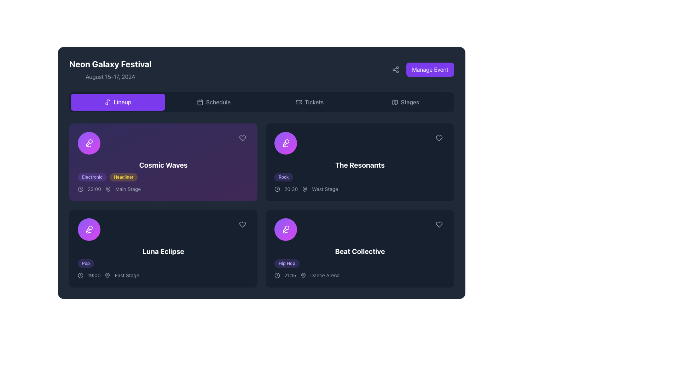 The height and width of the screenshot is (382, 679). Describe the element at coordinates (261, 102) in the screenshot. I see `the 'Tickets' option in the Navigation bar` at that location.